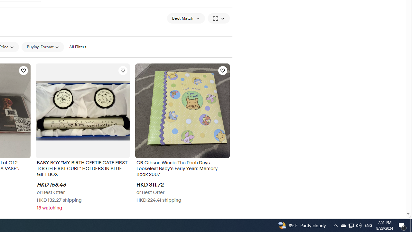  What do you see at coordinates (42, 47) in the screenshot?
I see `'Buying Format'` at bounding box center [42, 47].